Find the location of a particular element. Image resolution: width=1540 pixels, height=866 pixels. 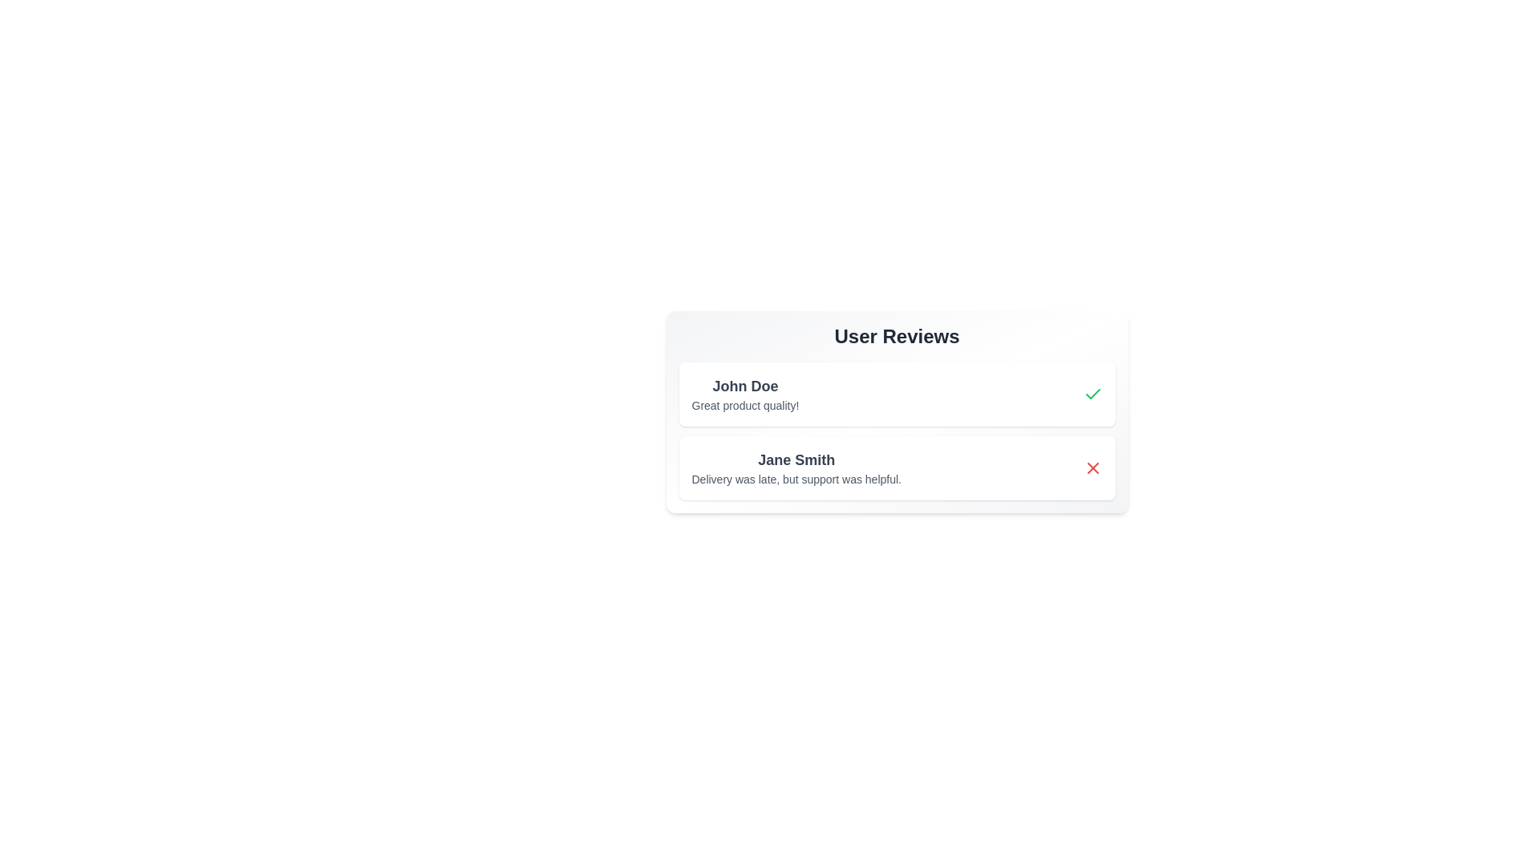

the red 'X' icon located is located at coordinates (1092, 467).